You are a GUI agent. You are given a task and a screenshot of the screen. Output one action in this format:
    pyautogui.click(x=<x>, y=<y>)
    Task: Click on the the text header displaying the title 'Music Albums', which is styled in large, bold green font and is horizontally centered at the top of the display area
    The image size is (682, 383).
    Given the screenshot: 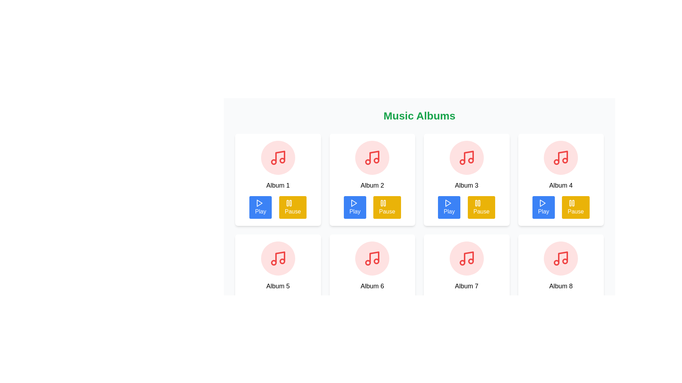 What is the action you would take?
    pyautogui.click(x=419, y=116)
    